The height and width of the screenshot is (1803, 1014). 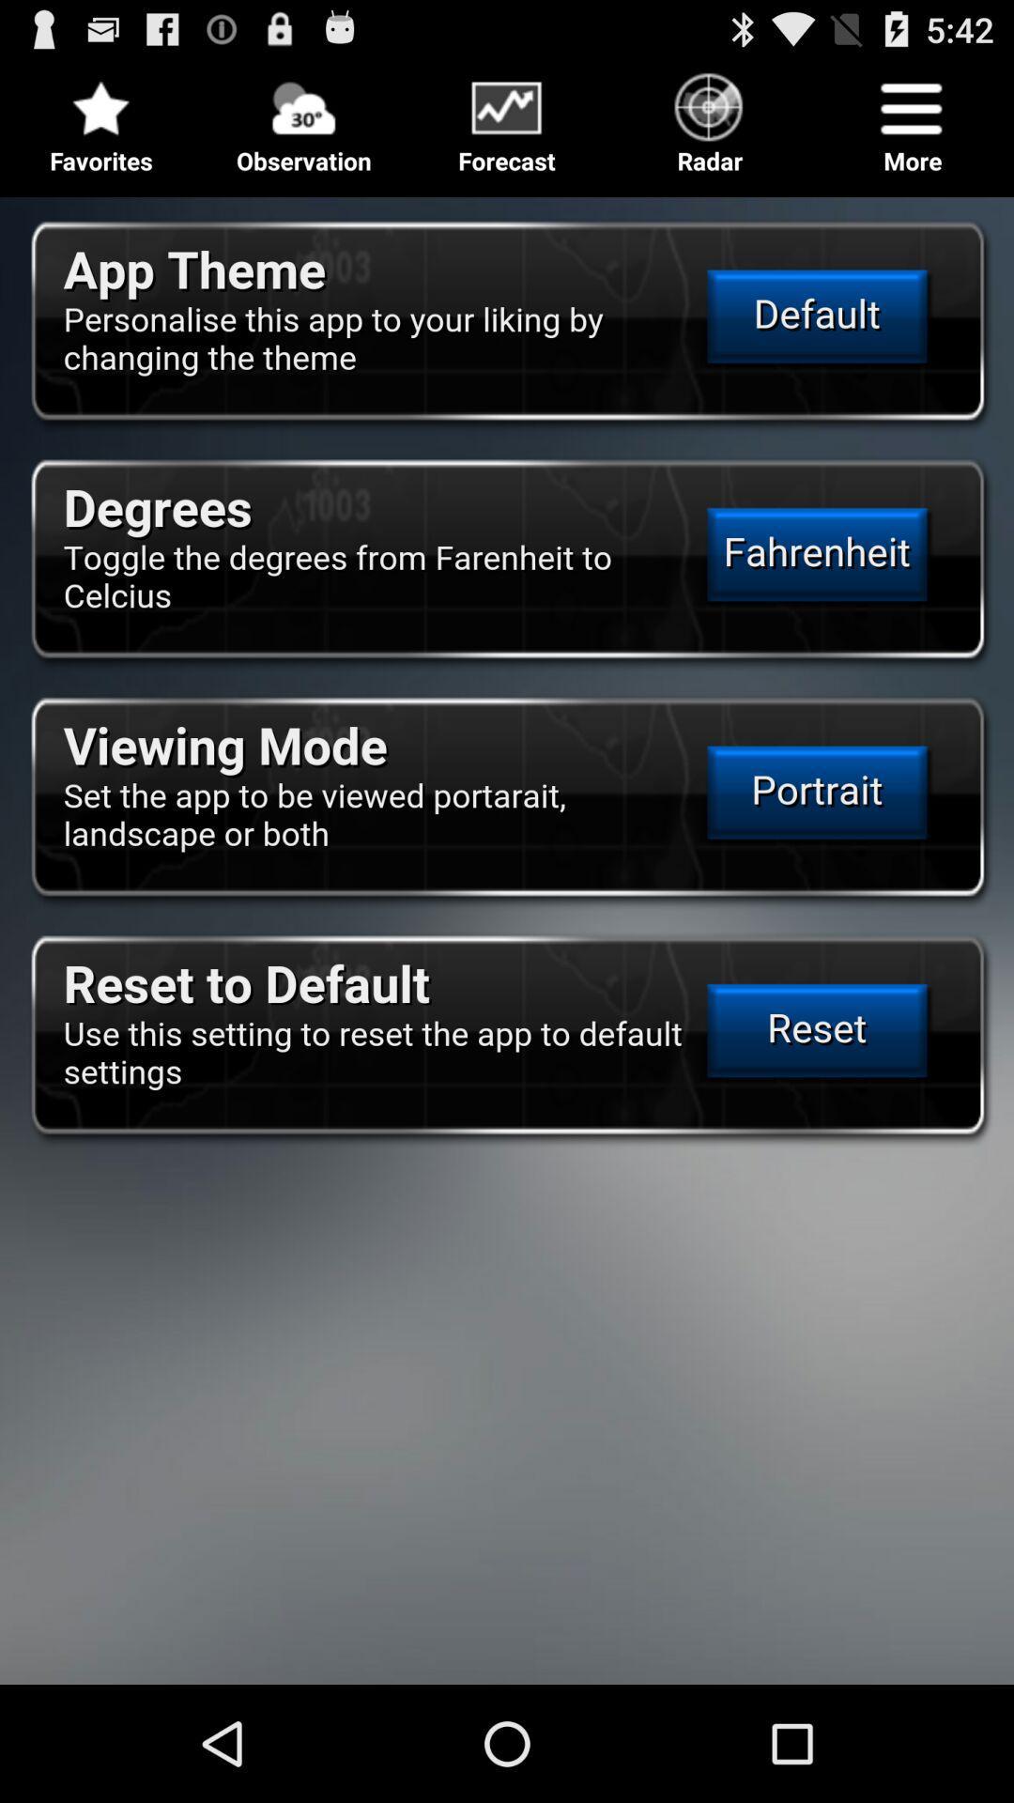 What do you see at coordinates (507, 933) in the screenshot?
I see `settings options` at bounding box center [507, 933].